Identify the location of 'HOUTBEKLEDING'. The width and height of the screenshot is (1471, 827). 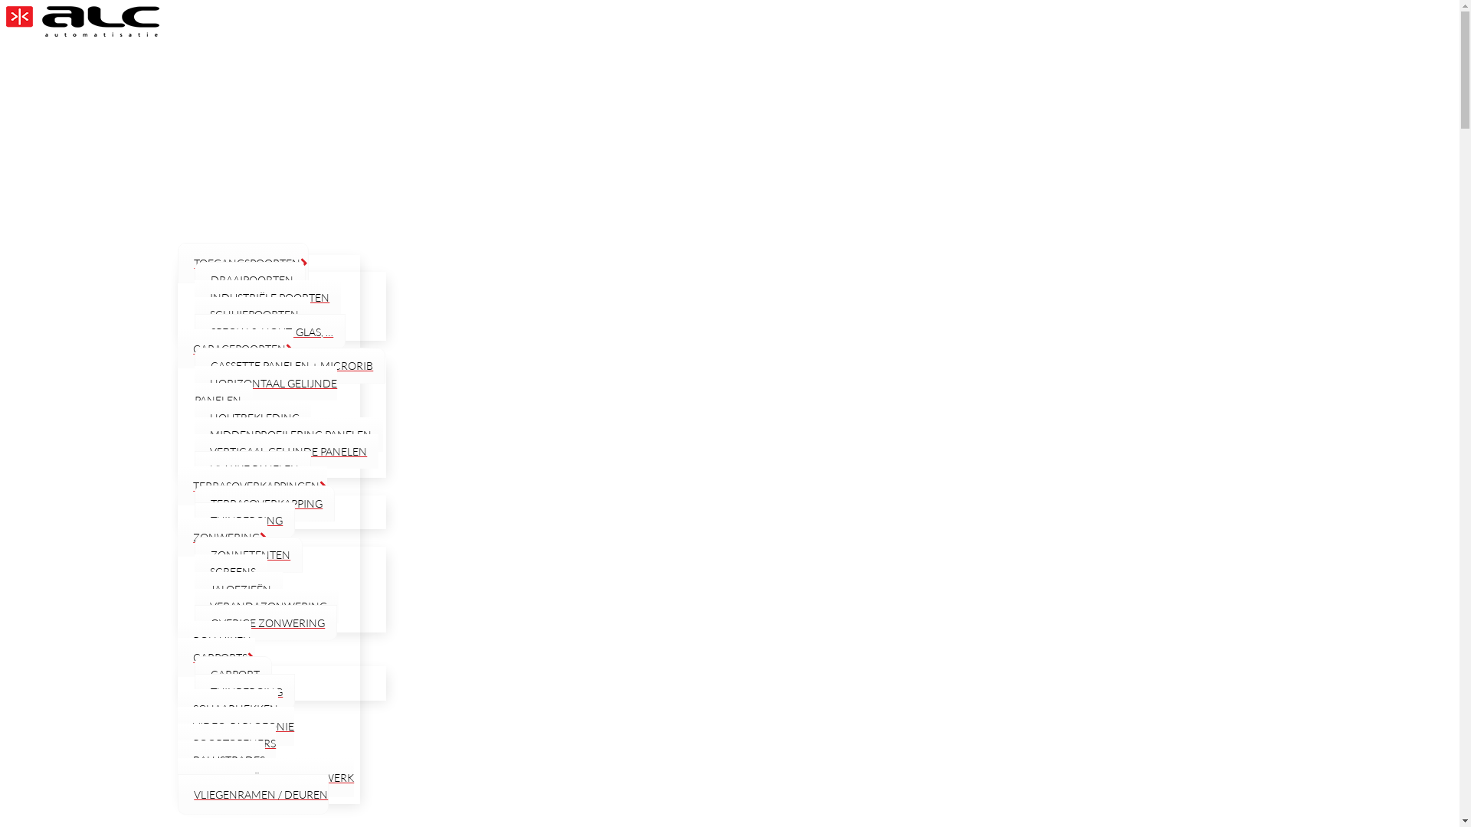
(194, 417).